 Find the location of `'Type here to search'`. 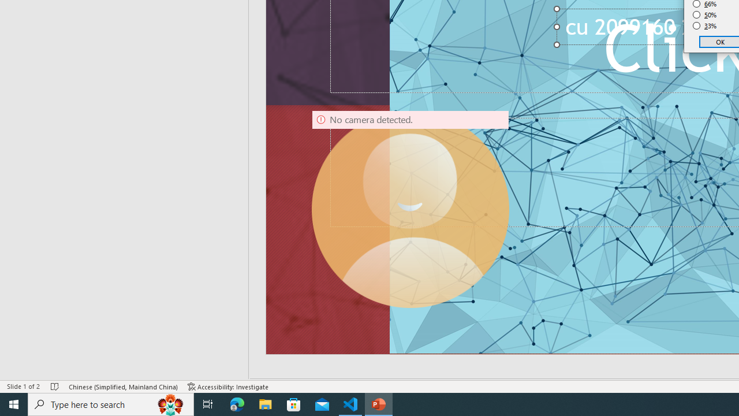

'Type here to search' is located at coordinates (111, 403).